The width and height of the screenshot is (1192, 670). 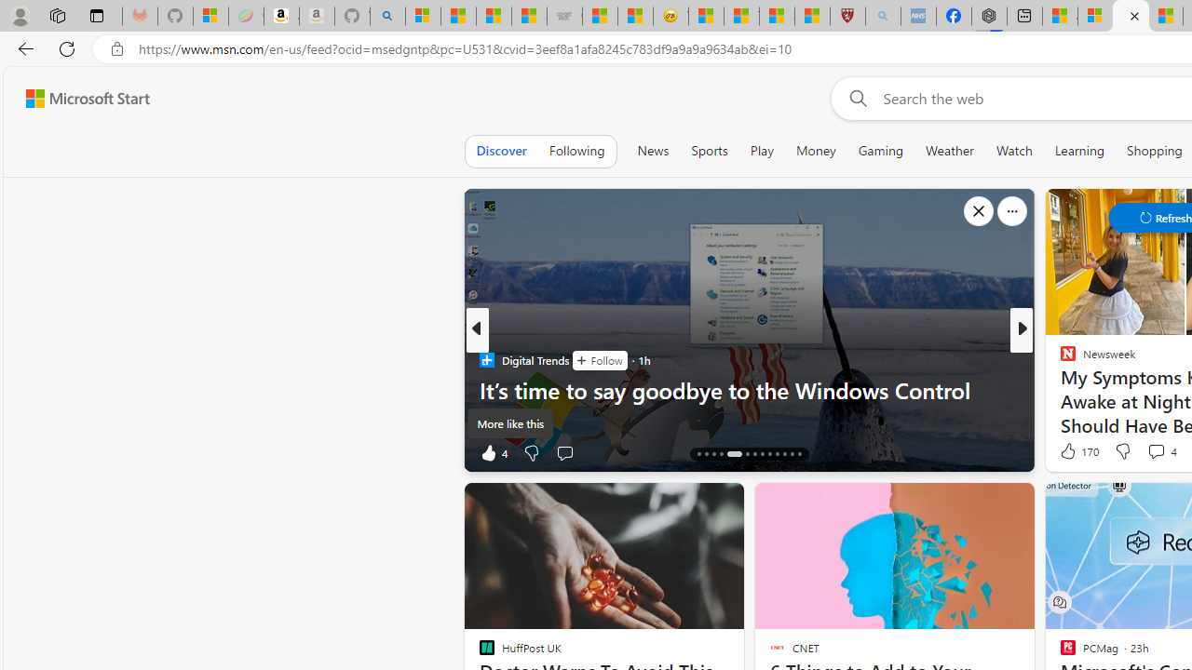 What do you see at coordinates (712, 454) in the screenshot?
I see `'AutomationID: tab-16'` at bounding box center [712, 454].